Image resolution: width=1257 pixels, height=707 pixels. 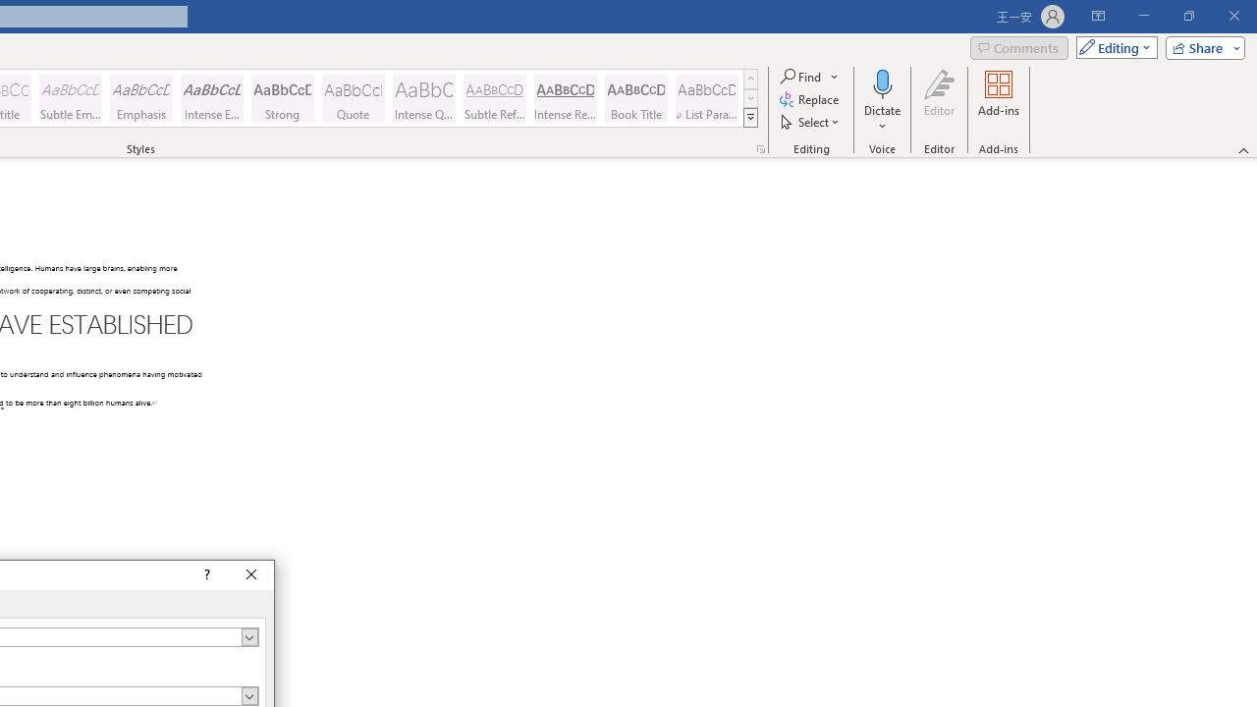 What do you see at coordinates (565, 98) in the screenshot?
I see `'Intense Reference'` at bounding box center [565, 98].